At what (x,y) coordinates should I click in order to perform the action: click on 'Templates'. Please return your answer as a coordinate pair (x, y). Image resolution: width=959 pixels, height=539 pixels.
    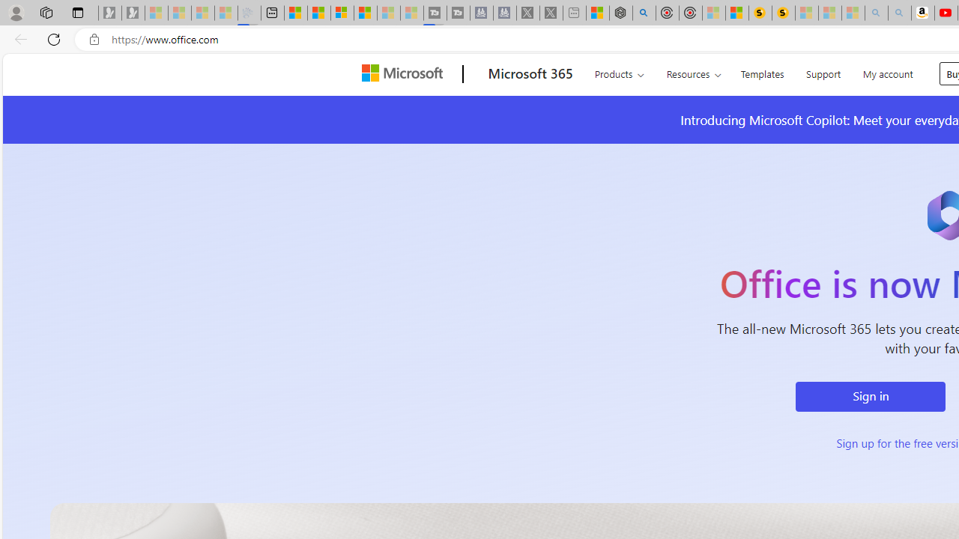
    Looking at the image, I should click on (762, 72).